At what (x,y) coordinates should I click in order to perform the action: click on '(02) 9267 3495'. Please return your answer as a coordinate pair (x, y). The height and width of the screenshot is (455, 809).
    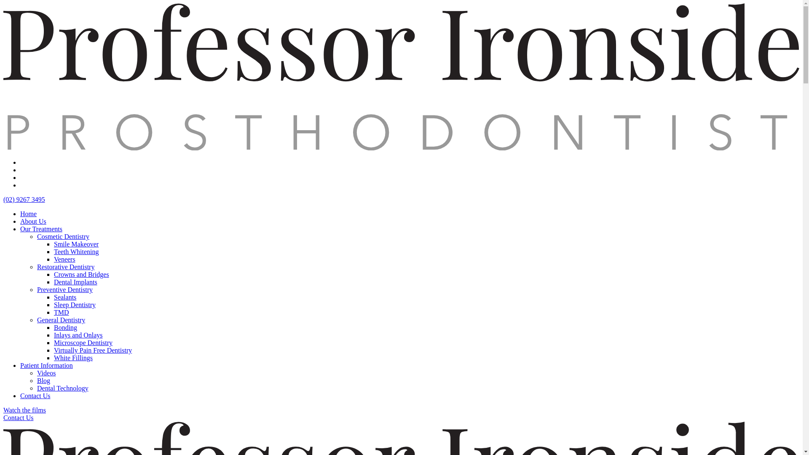
    Looking at the image, I should click on (24, 199).